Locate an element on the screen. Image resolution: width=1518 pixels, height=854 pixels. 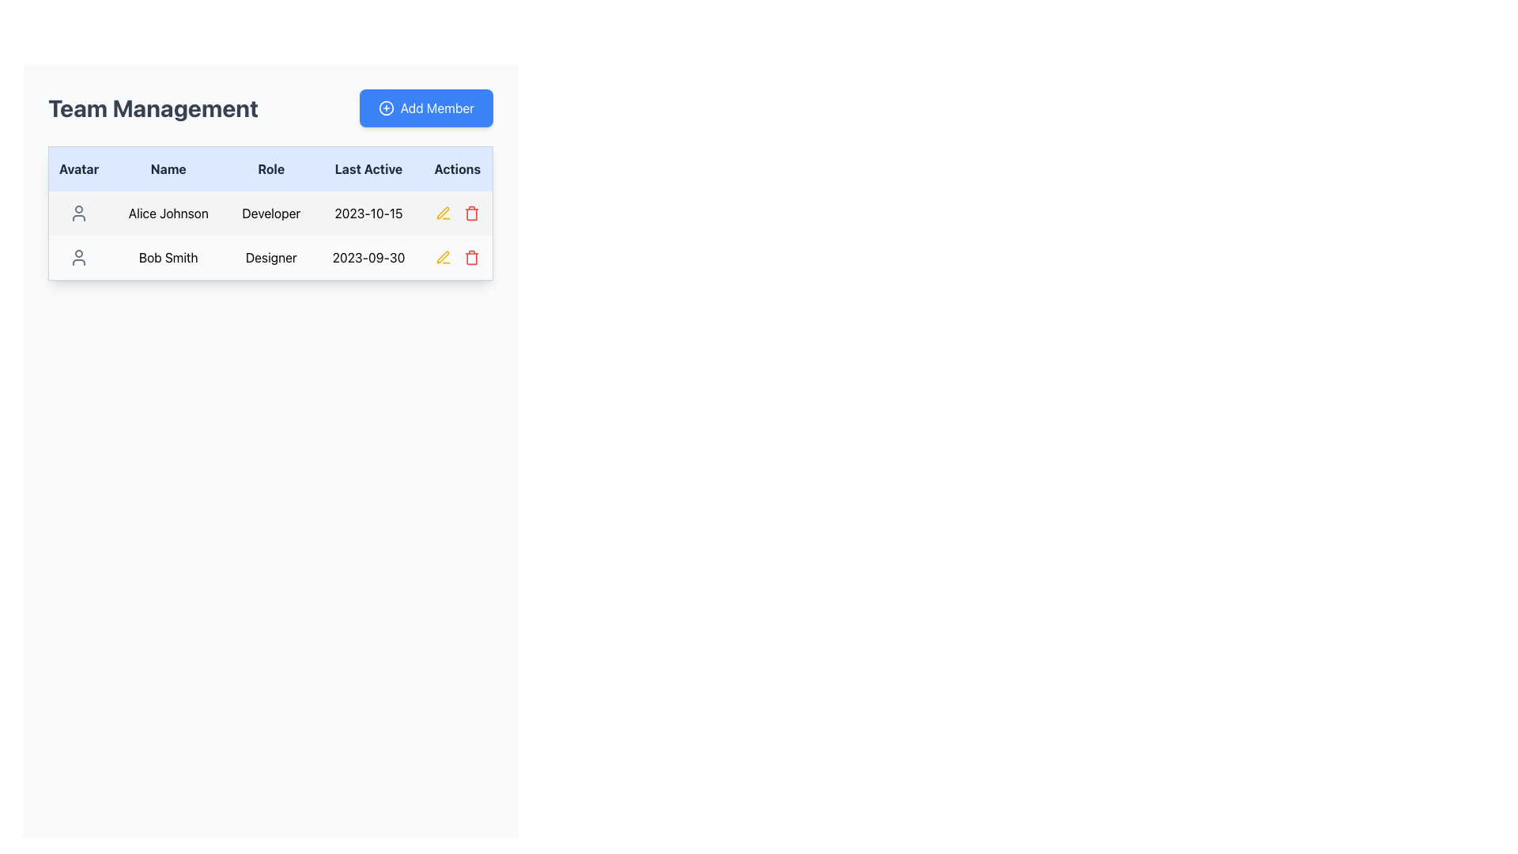
the Text Display element that shows the last active date of the user, which is located in the fourth column of the first row of the table is located at coordinates (368, 213).